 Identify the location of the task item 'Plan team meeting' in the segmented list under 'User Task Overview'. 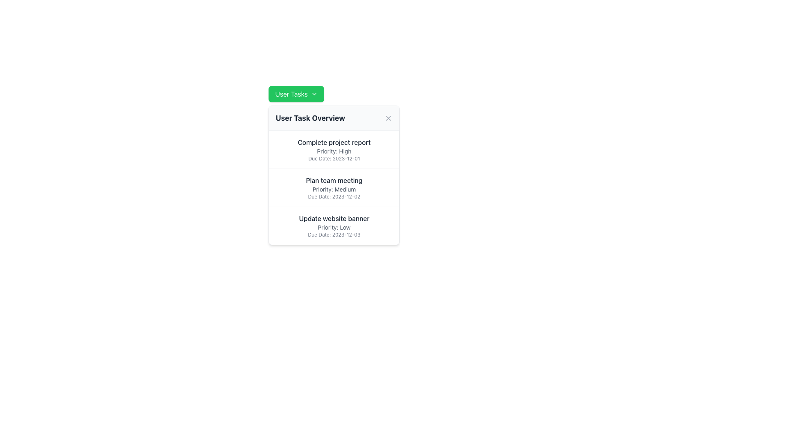
(334, 188).